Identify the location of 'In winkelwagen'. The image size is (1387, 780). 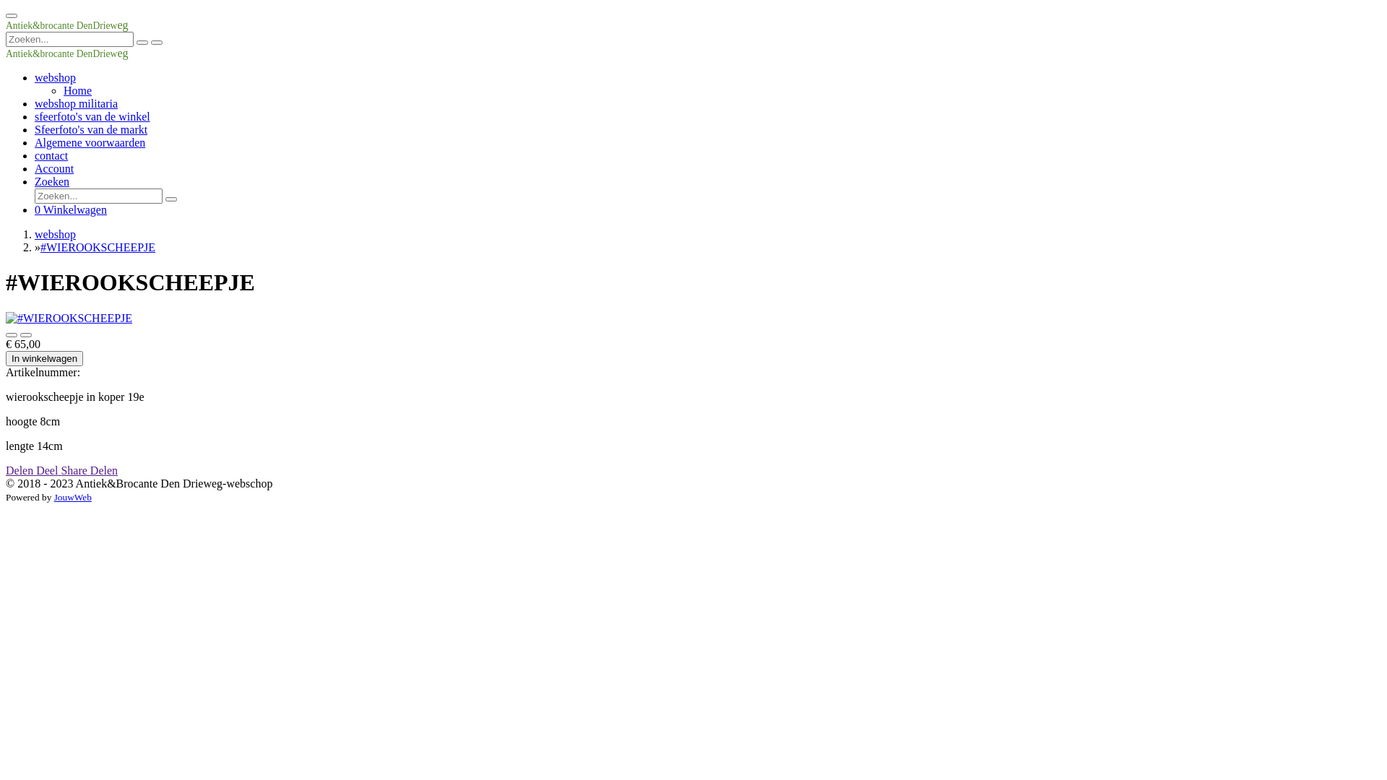
(44, 357).